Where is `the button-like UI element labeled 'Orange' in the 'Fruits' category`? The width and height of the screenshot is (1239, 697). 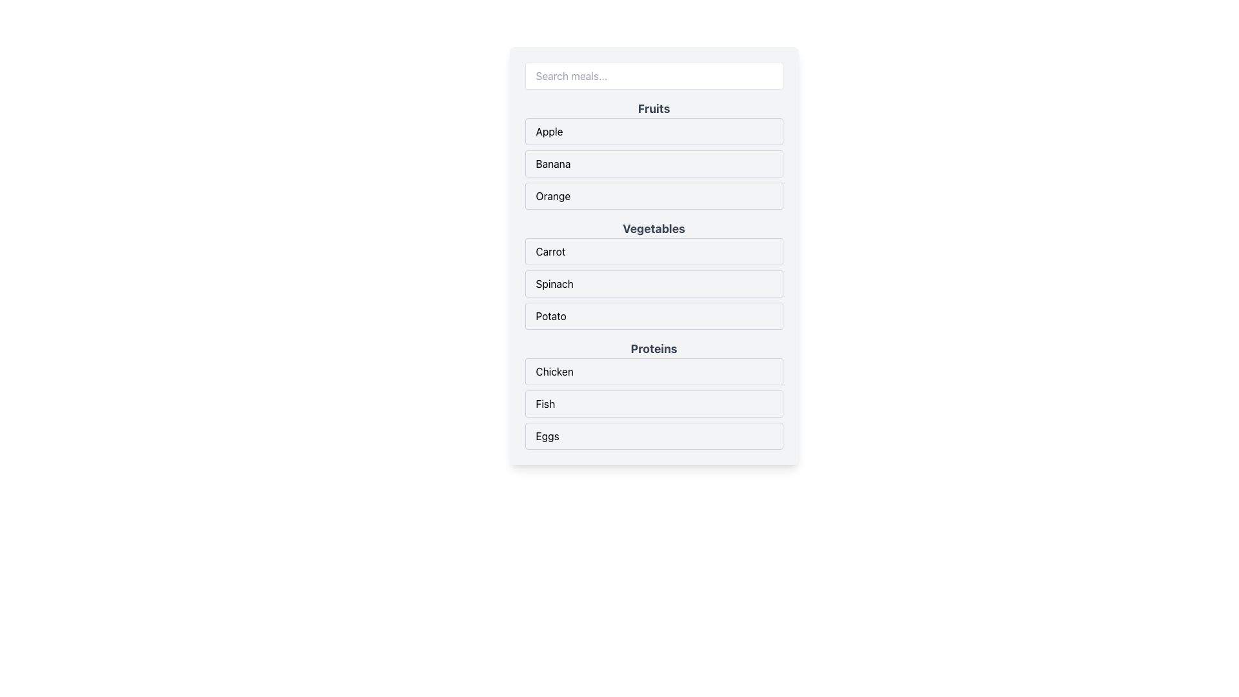 the button-like UI element labeled 'Orange' in the 'Fruits' category is located at coordinates (654, 196).